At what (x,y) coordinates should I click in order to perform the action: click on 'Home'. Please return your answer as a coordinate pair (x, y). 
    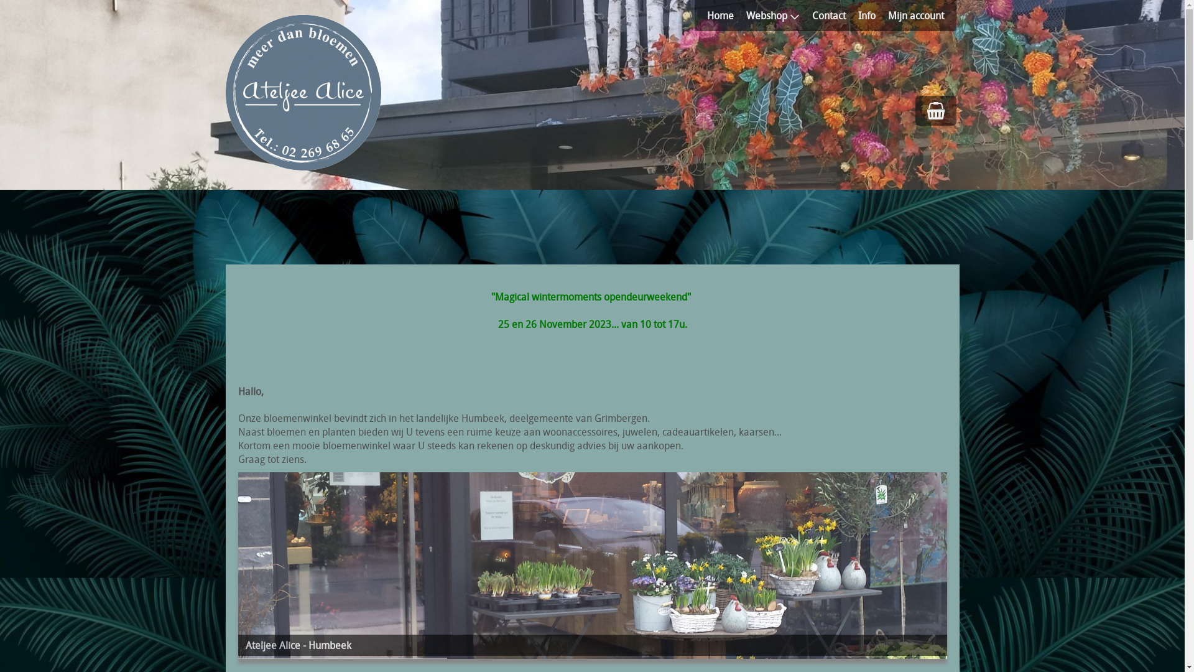
    Looking at the image, I should click on (726, 15).